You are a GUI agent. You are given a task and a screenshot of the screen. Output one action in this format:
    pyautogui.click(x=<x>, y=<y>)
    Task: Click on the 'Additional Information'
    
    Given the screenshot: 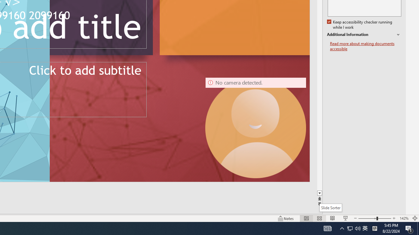 What is the action you would take?
    pyautogui.click(x=364, y=35)
    